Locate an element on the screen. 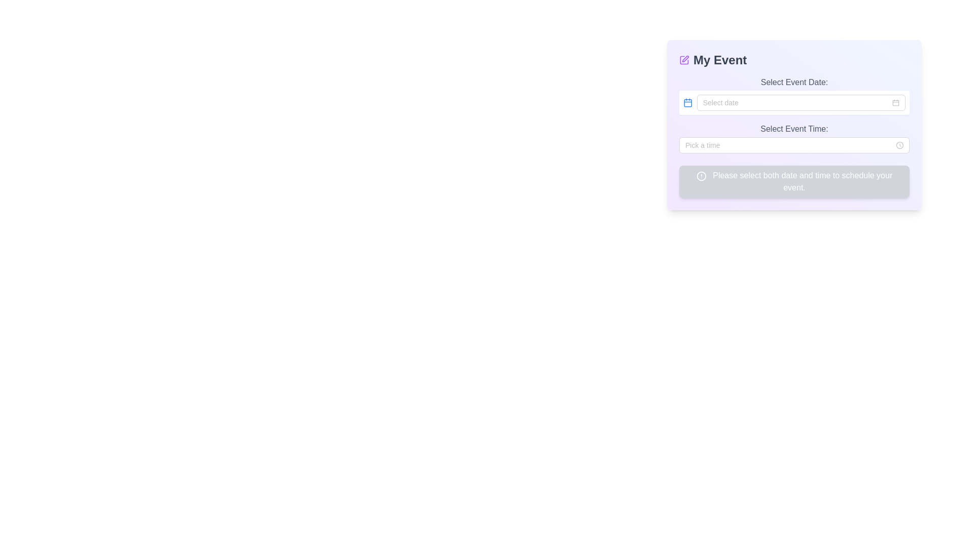 This screenshot has width=974, height=547. the date selection icon located to the left of the 'Select date' input field is located at coordinates (688, 103).